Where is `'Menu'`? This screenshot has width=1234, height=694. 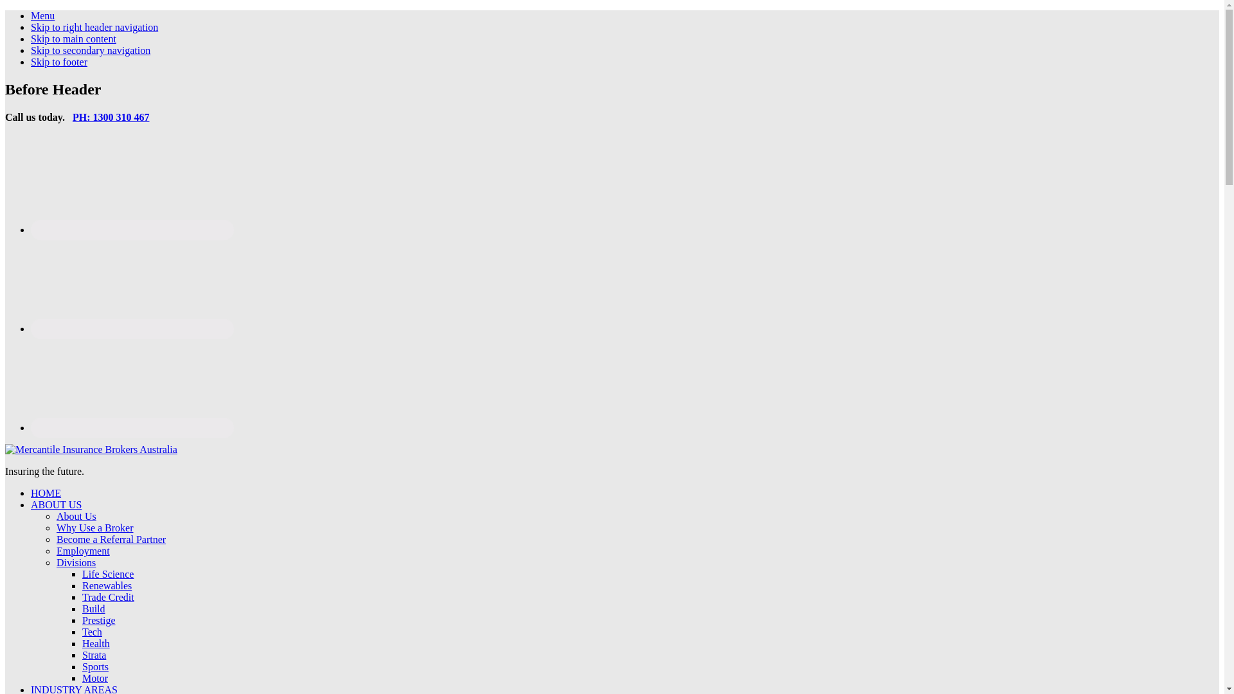 'Menu' is located at coordinates (42, 15).